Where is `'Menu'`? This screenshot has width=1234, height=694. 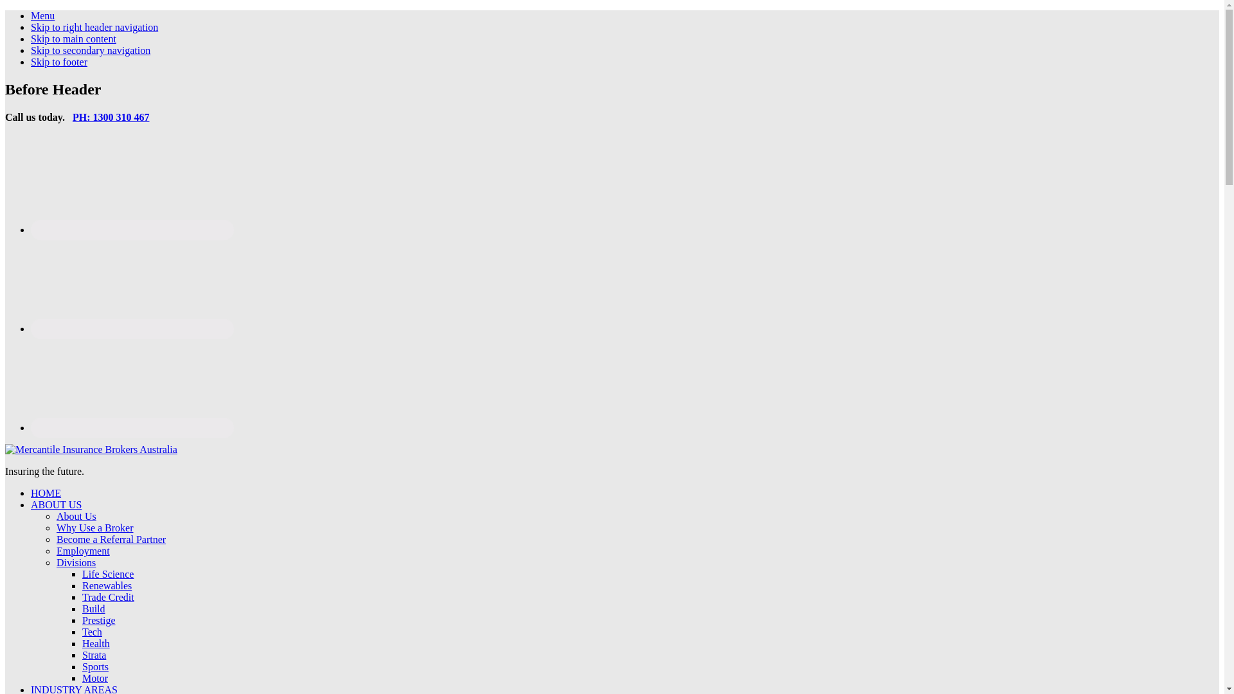 'Menu' is located at coordinates (42, 15).